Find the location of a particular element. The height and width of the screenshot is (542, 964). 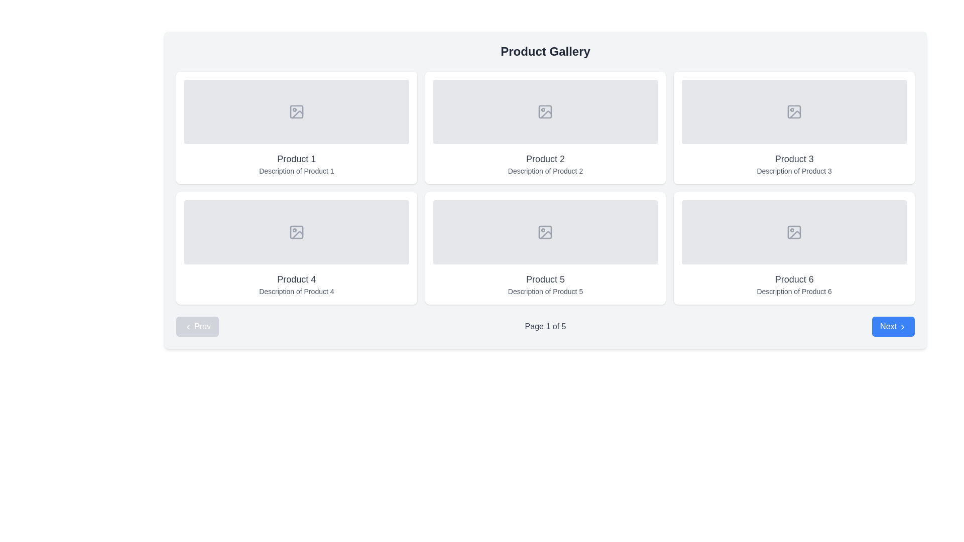

the text label displaying 'Product 2', which is located beneath the header 'Product Gallery' and above the description 'Description of Product 2' is located at coordinates (545, 158).